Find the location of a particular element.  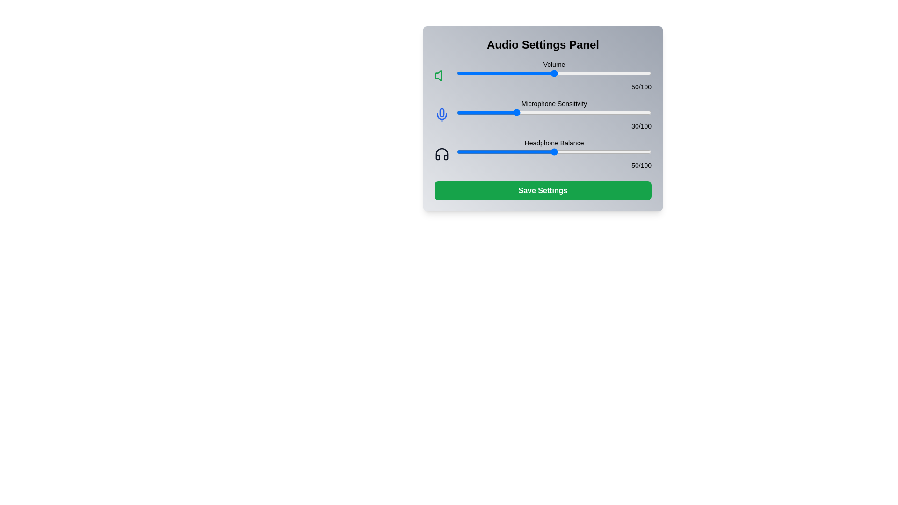

the headphone balance is located at coordinates (546, 151).